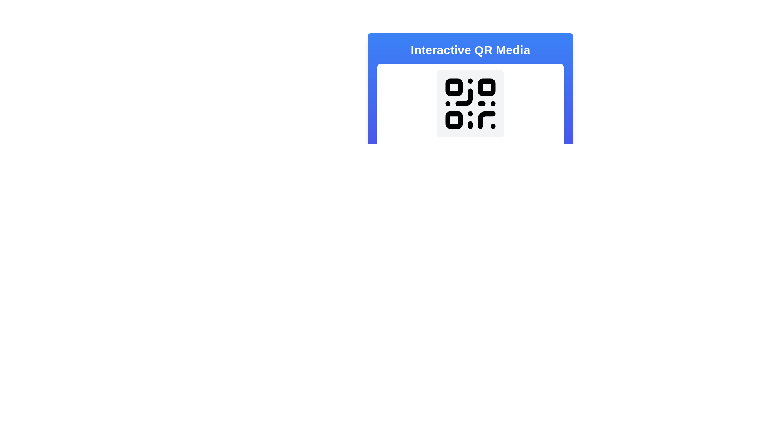  Describe the element at coordinates (470, 123) in the screenshot. I see `the QR code displayed centrally below the header 'Interactive QR Media' by scanning it using a device` at that location.